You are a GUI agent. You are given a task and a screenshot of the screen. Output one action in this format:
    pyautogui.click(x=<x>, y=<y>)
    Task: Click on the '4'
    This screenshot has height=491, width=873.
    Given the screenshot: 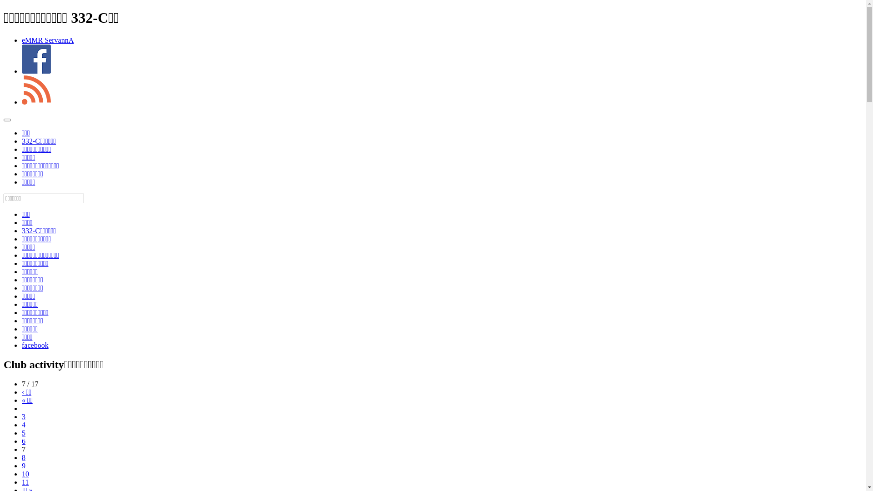 What is the action you would take?
    pyautogui.click(x=24, y=425)
    